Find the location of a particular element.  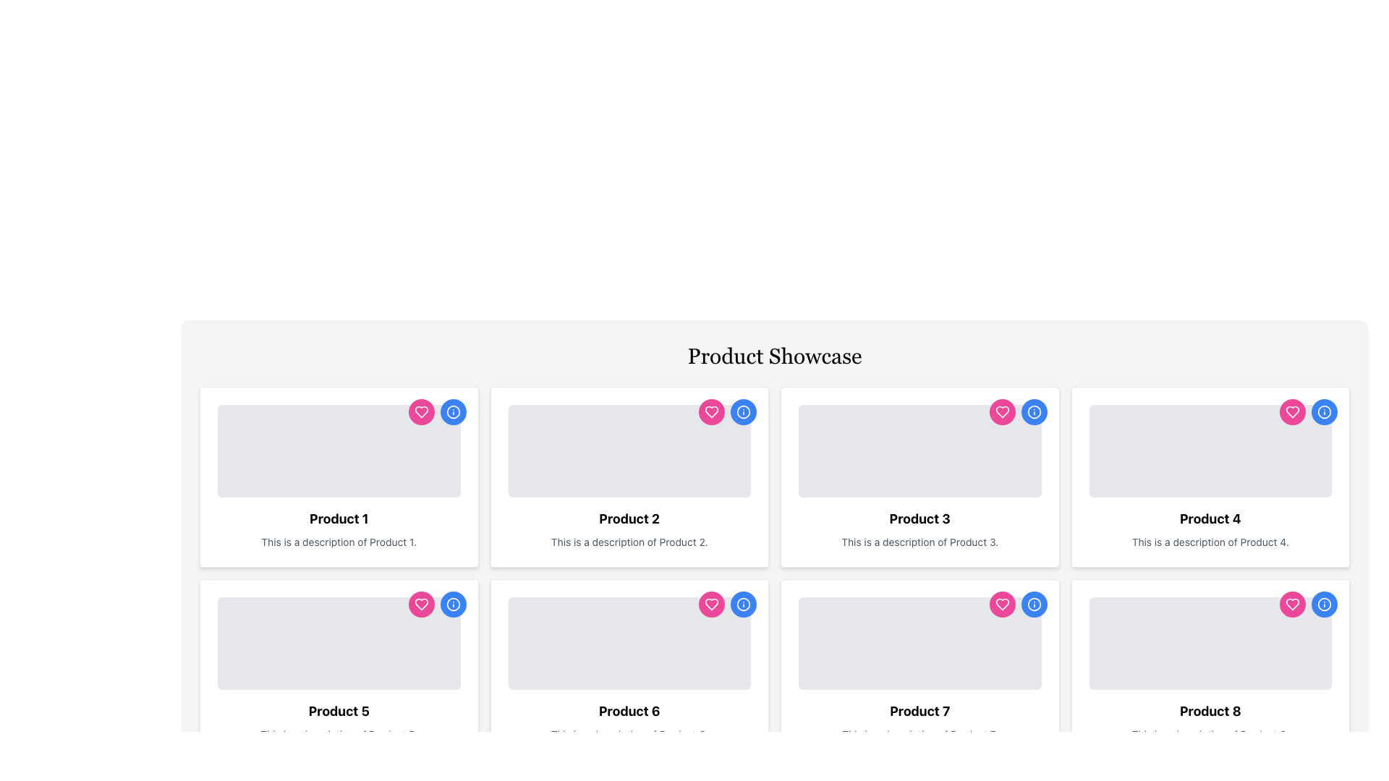

the text label displaying 'Product 4' is located at coordinates (1210, 518).